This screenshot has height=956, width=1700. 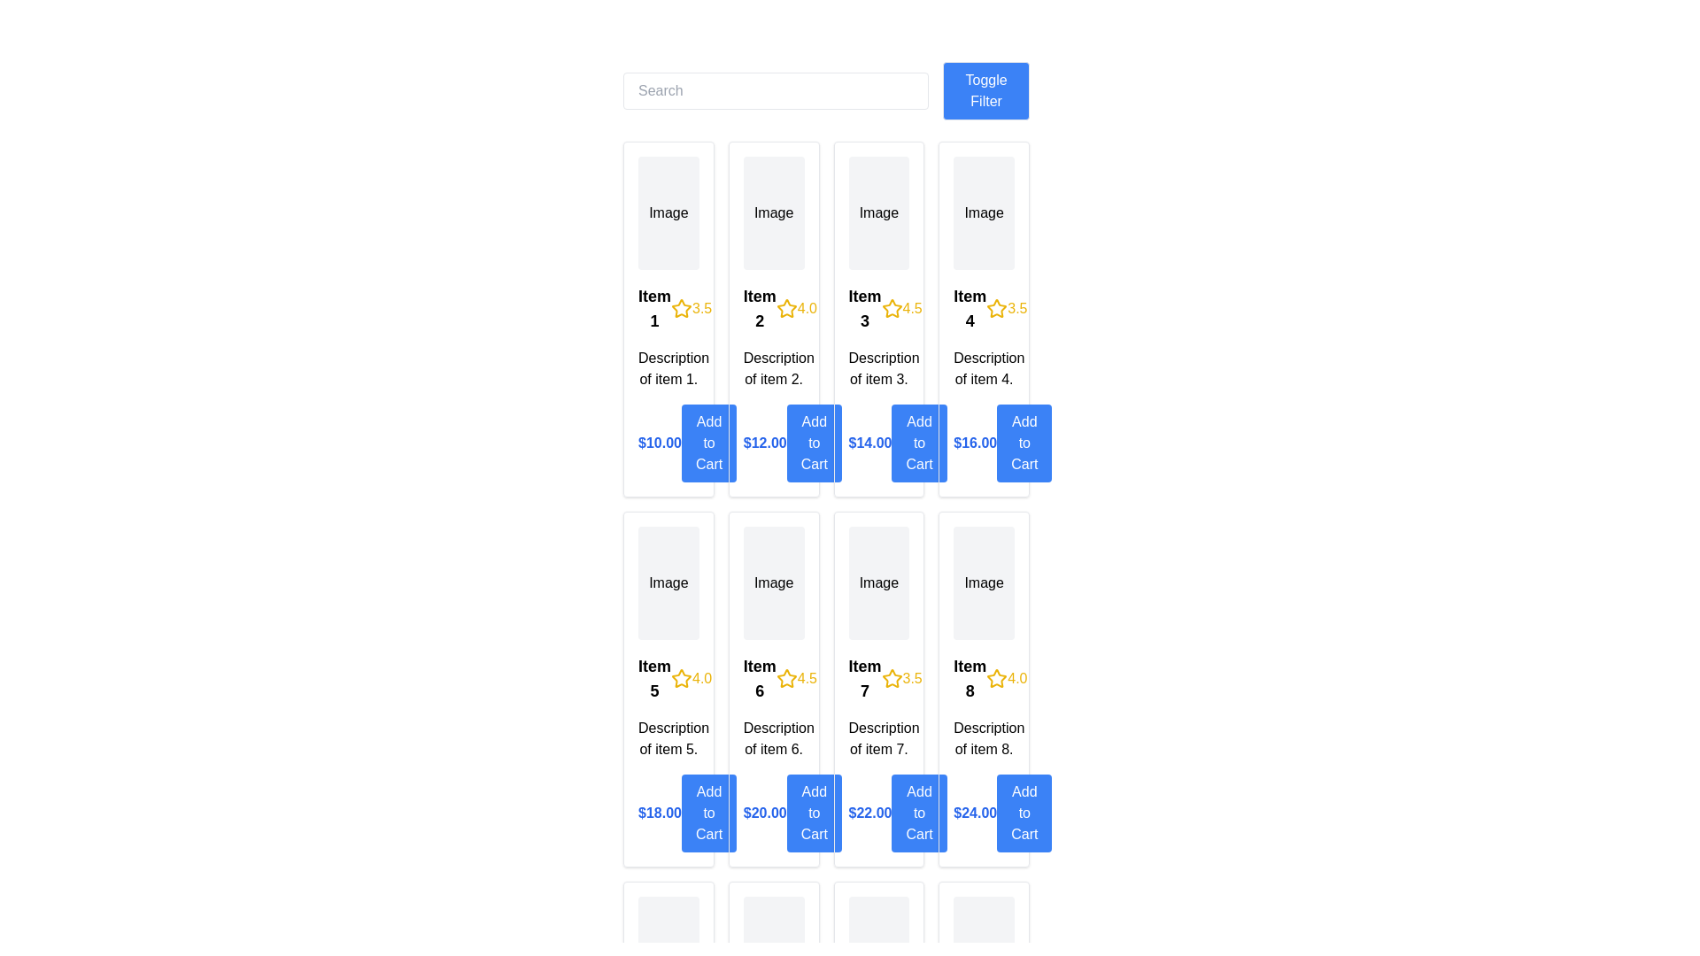 I want to click on the button located in the third column of the topmost row of the grid layout, directly below the price text '$14.00' and aligned with the description 'Description of item 3', so click(x=919, y=443).